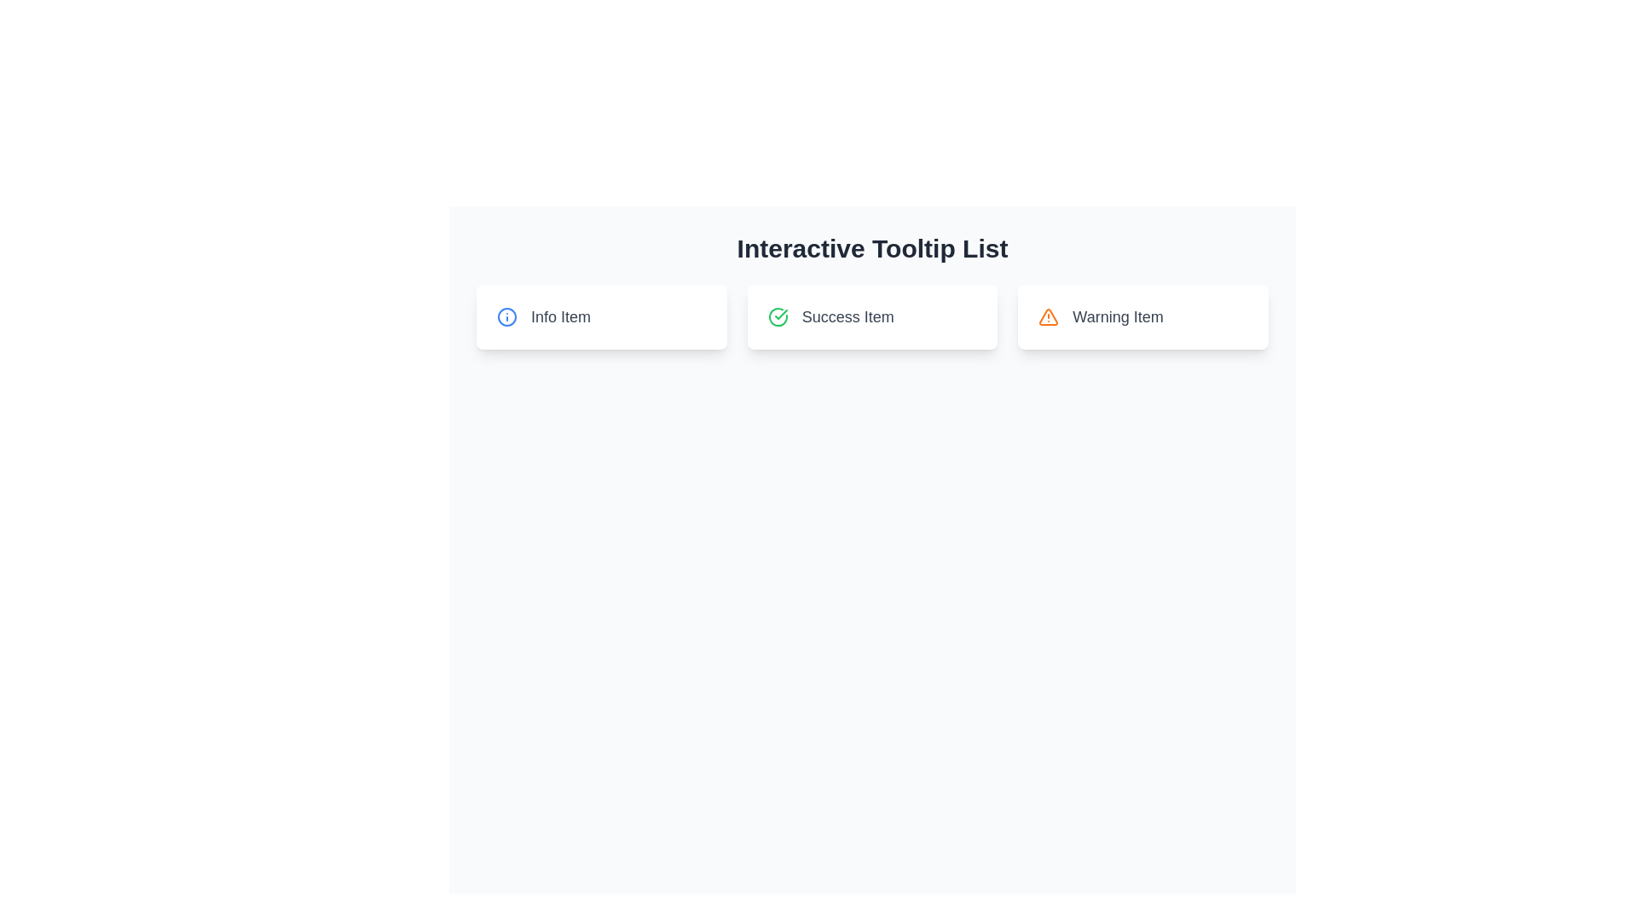 Image resolution: width=1637 pixels, height=921 pixels. What do you see at coordinates (1143, 316) in the screenshot?
I see `displayed warning message in the Card UI component, which is the third card in a row of three, positioned to the far right` at bounding box center [1143, 316].